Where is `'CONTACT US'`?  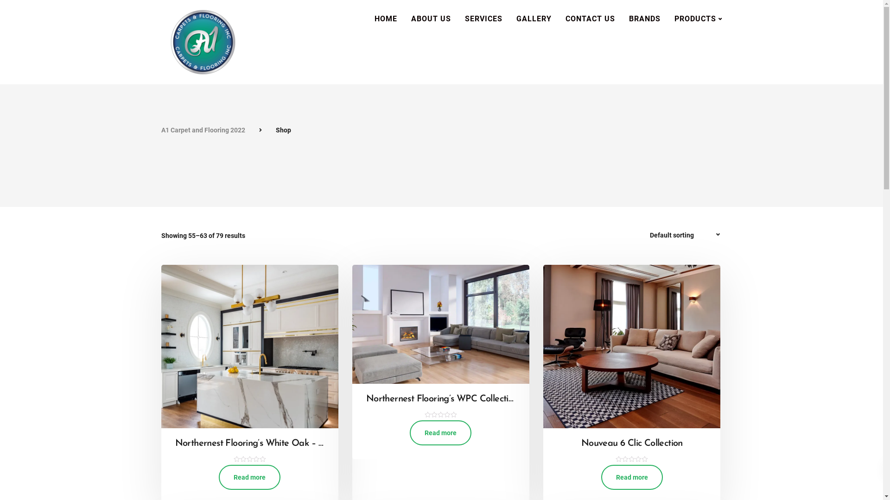 'CONTACT US' is located at coordinates (589, 19).